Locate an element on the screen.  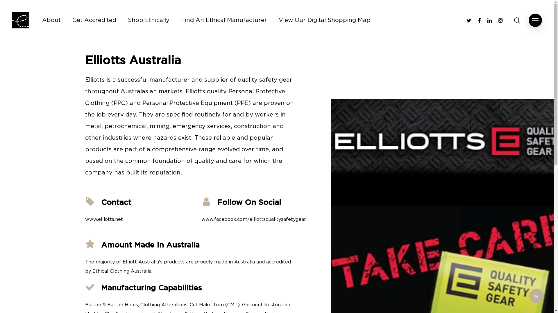
'View Our Digital Shopping Map' is located at coordinates (324, 20).